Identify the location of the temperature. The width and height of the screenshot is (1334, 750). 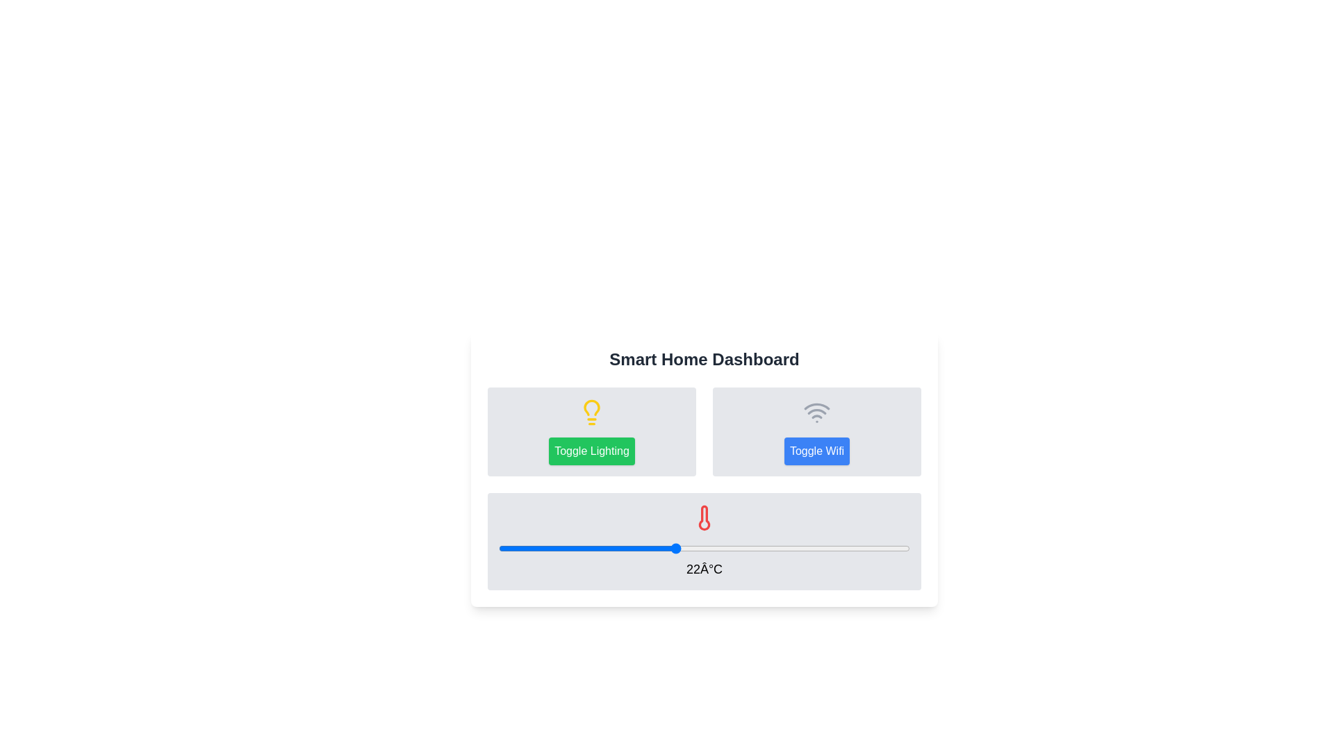
(762, 548).